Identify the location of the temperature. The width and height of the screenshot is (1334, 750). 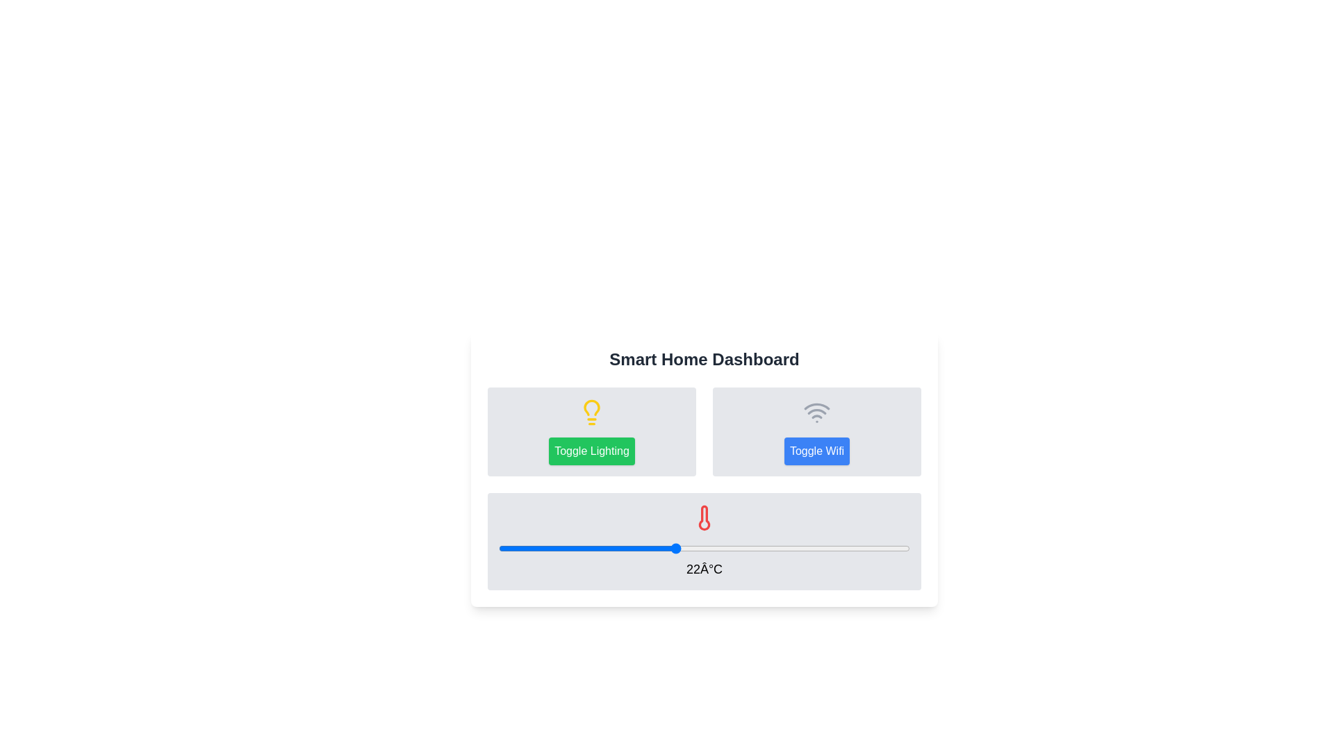
(762, 548).